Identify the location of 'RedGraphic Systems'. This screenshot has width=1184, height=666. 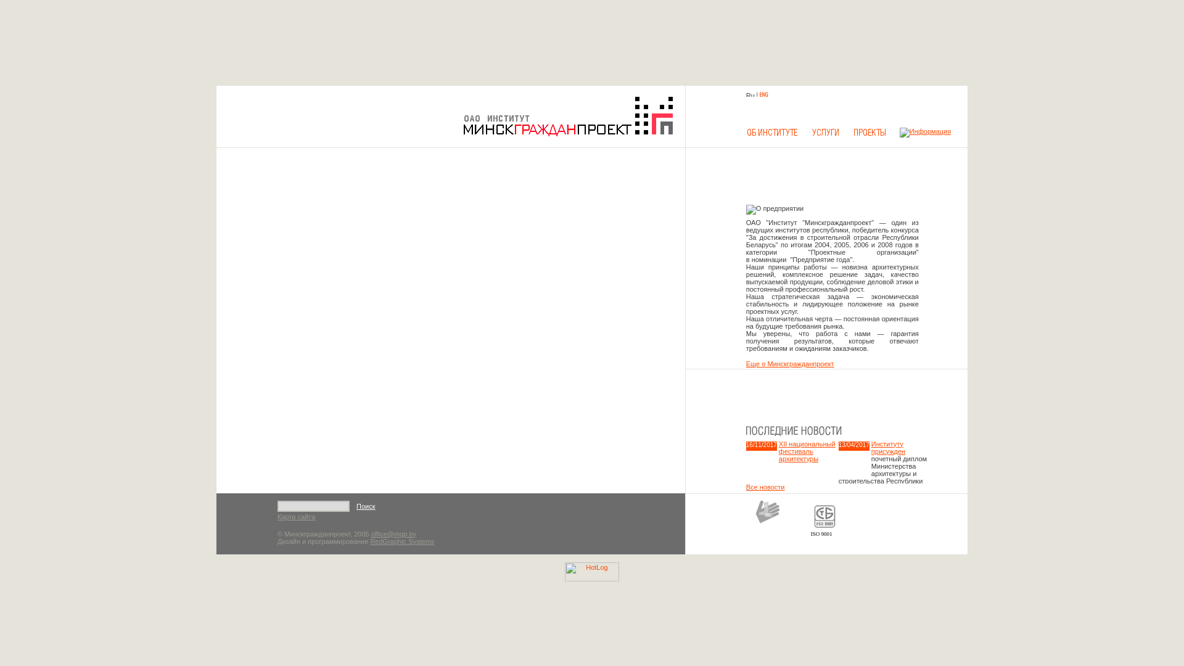
(402, 541).